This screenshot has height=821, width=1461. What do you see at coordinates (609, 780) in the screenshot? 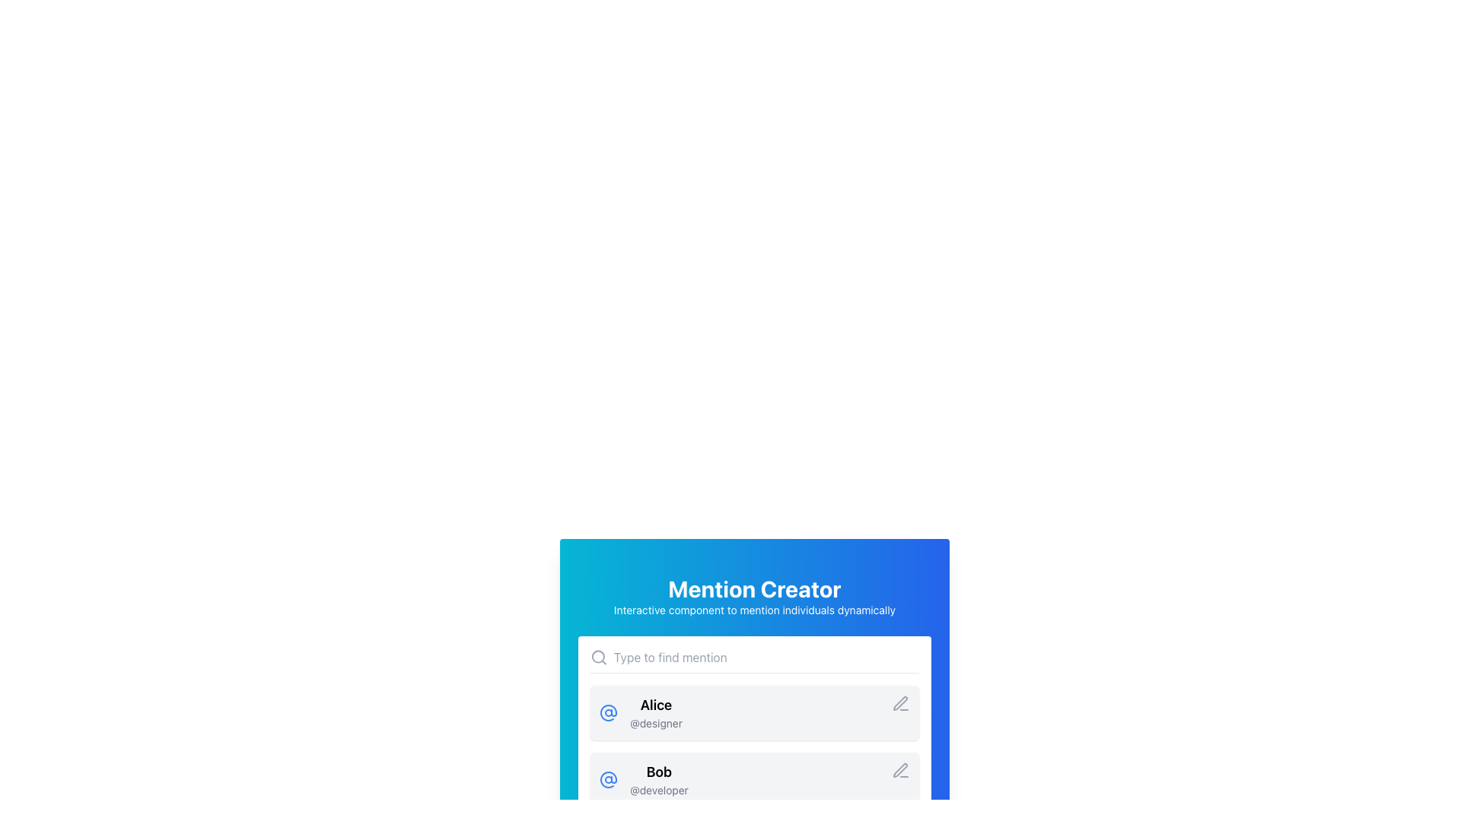
I see `the mention or email icon located to the left of the text 'Bob@developer' in the list entry` at bounding box center [609, 780].